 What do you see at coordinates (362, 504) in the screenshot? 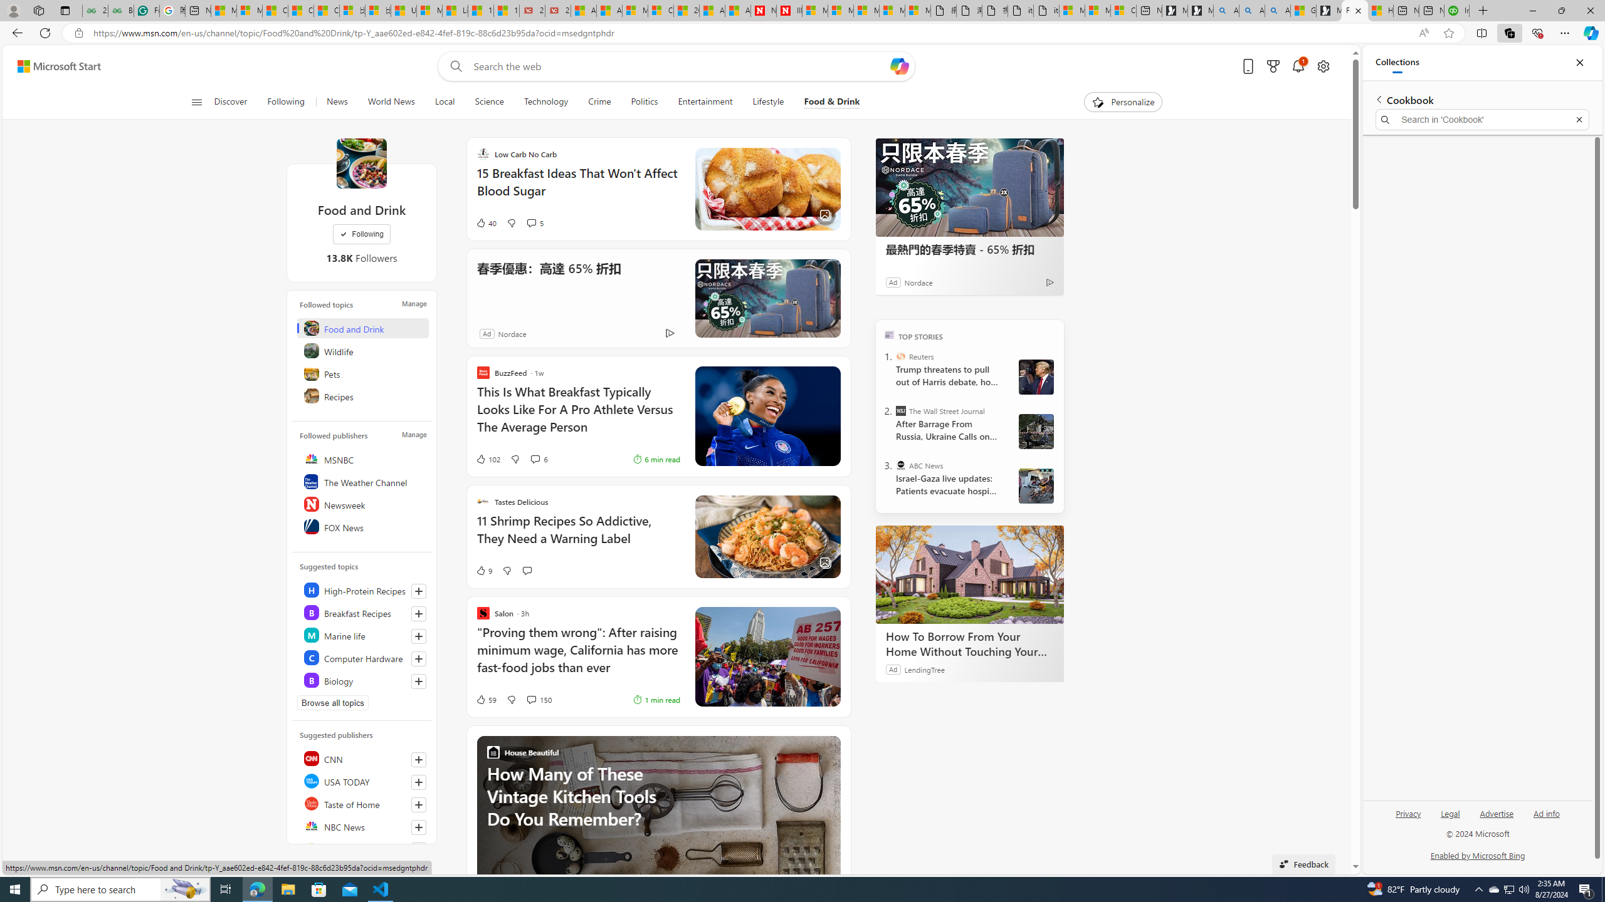
I see `'Newsweek'` at bounding box center [362, 504].